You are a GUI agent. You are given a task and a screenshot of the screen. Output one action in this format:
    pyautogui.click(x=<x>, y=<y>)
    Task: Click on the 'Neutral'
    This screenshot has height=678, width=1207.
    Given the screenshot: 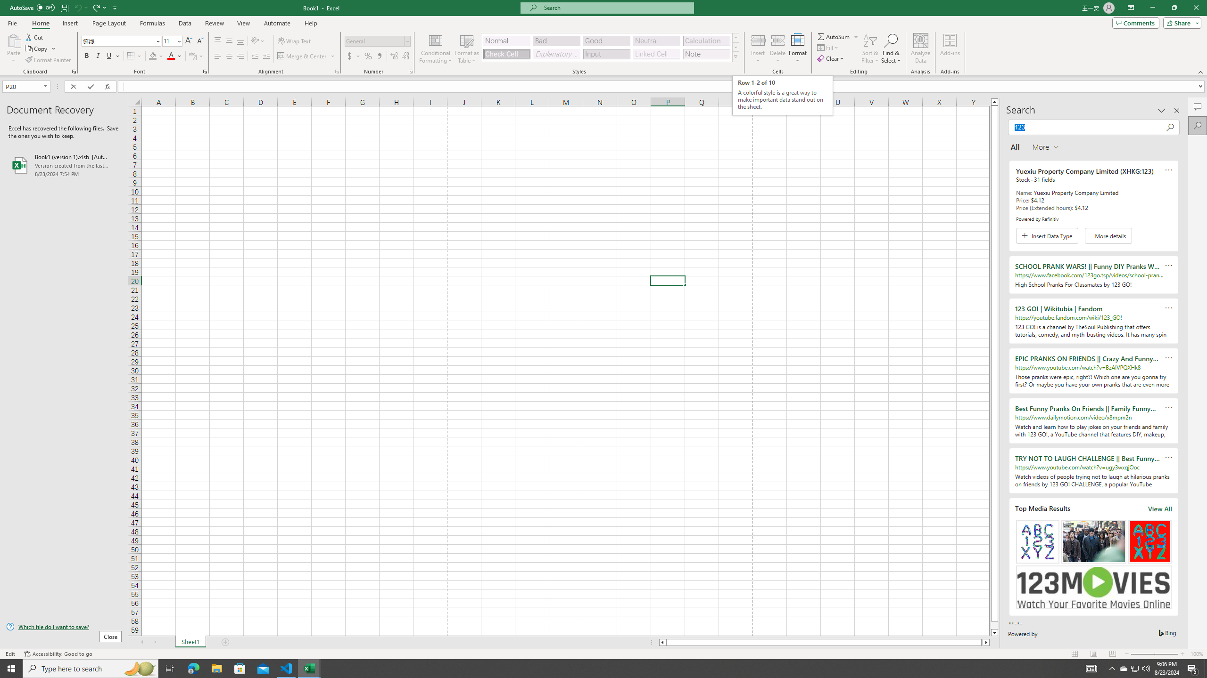 What is the action you would take?
    pyautogui.click(x=656, y=41)
    